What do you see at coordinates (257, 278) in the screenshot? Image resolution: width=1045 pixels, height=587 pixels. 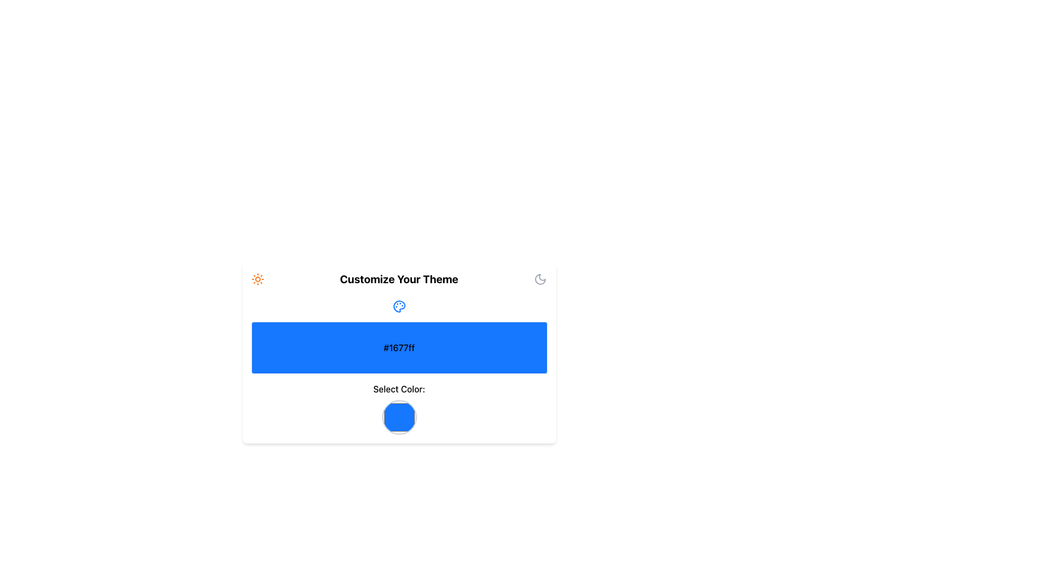 I see `the light-themed mode icon button located to the left of the 'Customize Your Theme' header` at bounding box center [257, 278].